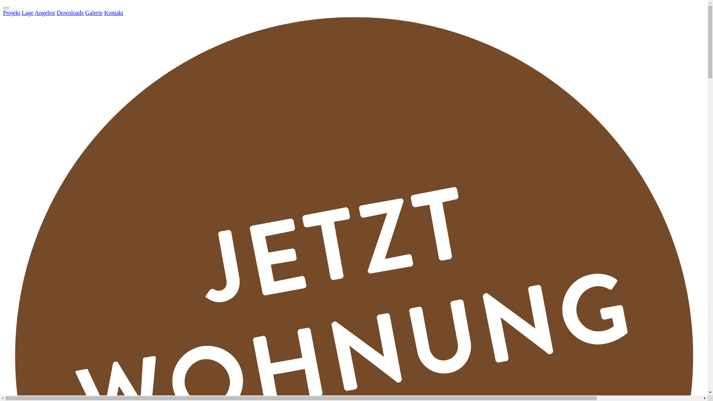 This screenshot has height=401, width=713. Describe the element at coordinates (44, 13) in the screenshot. I see `'Angebot'` at that location.